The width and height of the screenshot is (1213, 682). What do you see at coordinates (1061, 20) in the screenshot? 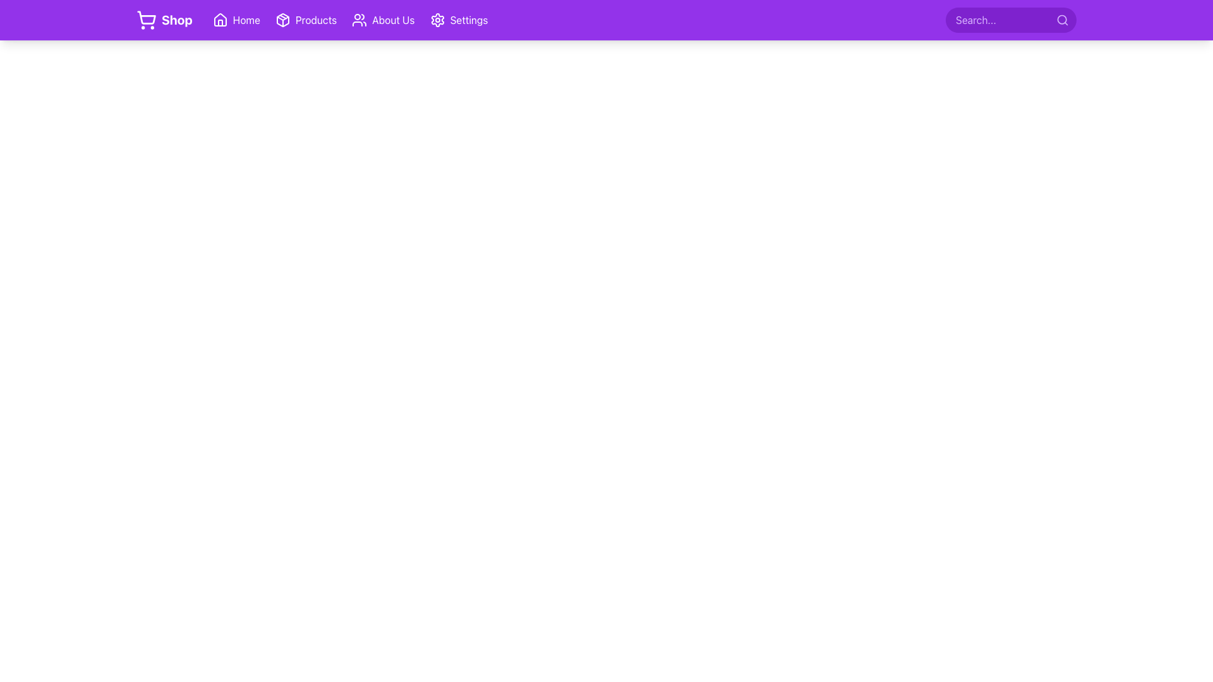
I see `the circular graphic component within the search icon located at the top-right corner of the interface` at bounding box center [1061, 20].